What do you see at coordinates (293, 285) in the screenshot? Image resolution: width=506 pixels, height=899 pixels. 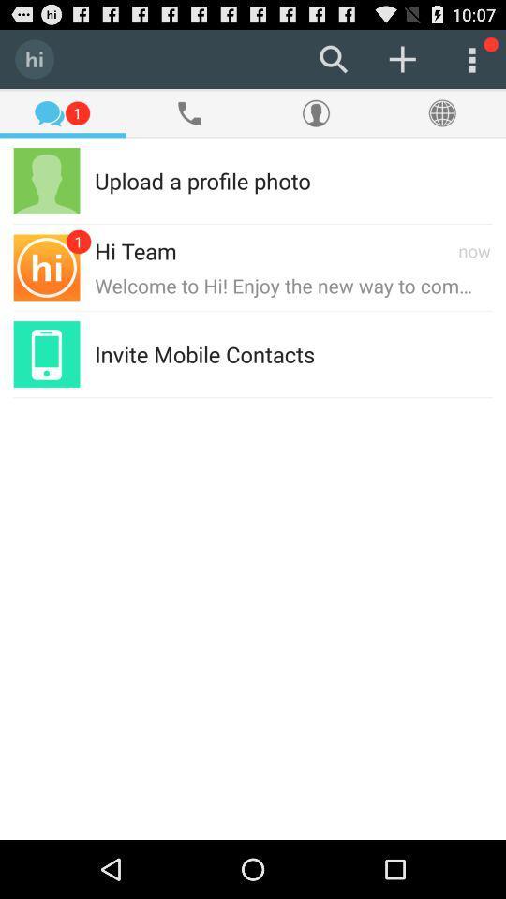 I see `the welcome to hi item` at bounding box center [293, 285].